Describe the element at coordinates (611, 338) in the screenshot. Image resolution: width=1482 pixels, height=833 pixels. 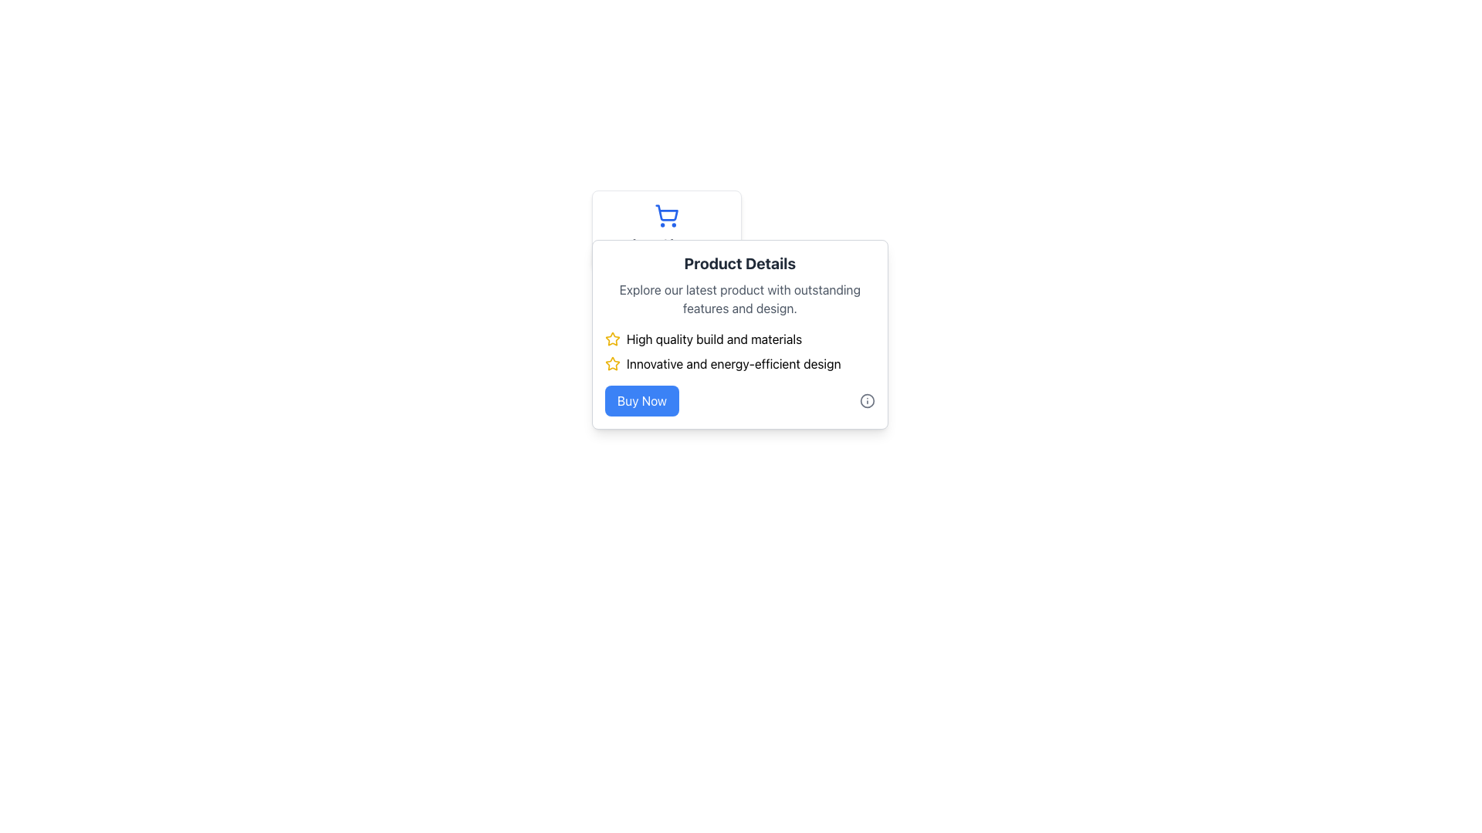
I see `the star-shaped icon with a yellow fill and black outline, located to the left of the text 'High quality build and materials' in the product details section` at that location.